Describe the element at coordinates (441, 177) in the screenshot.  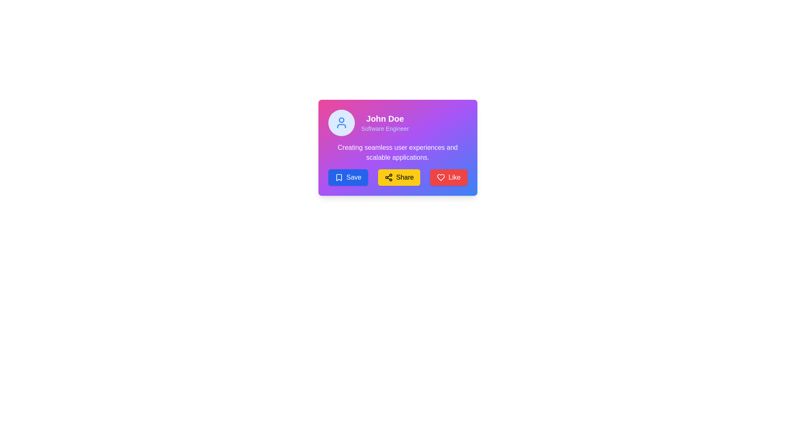
I see `the heart-shaped icon representing the 'Like' action located at the bottom right of the card interface` at that location.